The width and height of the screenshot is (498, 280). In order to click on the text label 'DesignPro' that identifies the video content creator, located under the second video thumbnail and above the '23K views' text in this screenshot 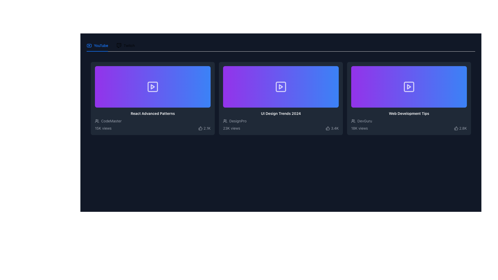, I will do `click(238, 121)`.